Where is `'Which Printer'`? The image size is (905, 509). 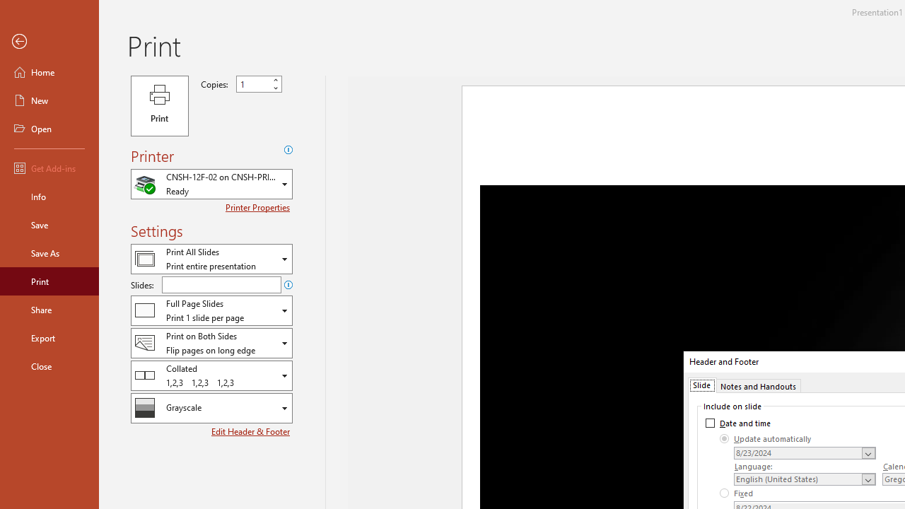
'Which Printer' is located at coordinates (211, 183).